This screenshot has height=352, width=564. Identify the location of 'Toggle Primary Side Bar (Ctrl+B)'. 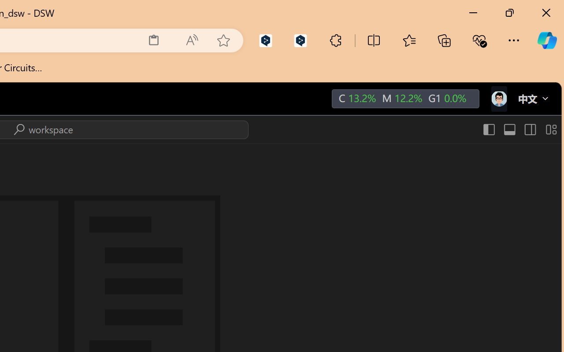
(488, 129).